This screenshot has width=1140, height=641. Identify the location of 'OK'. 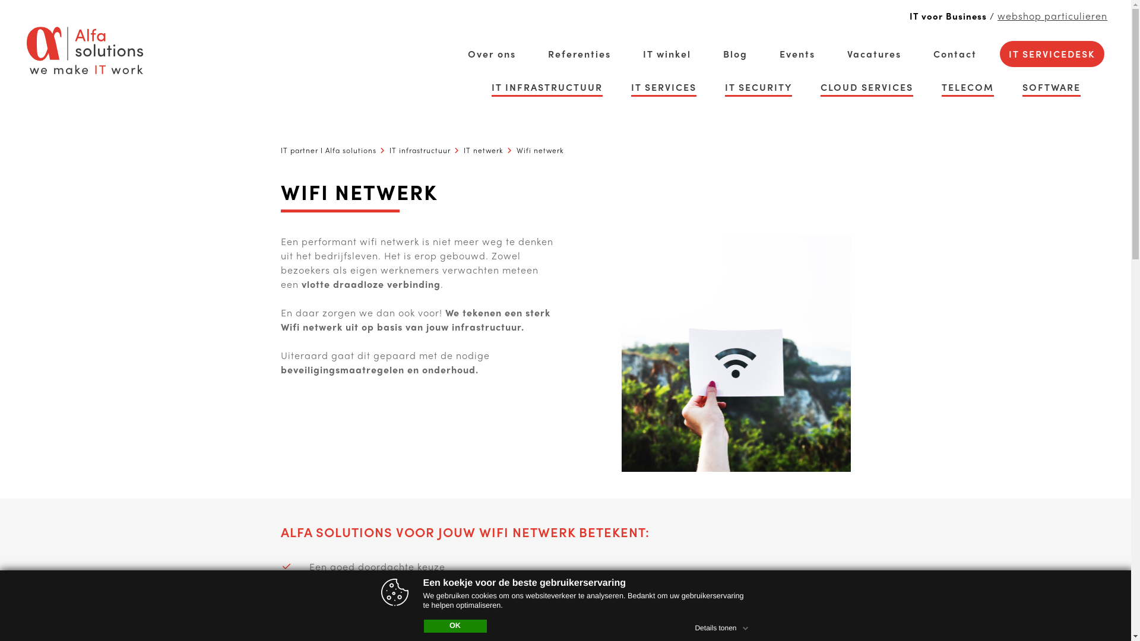
(424, 626).